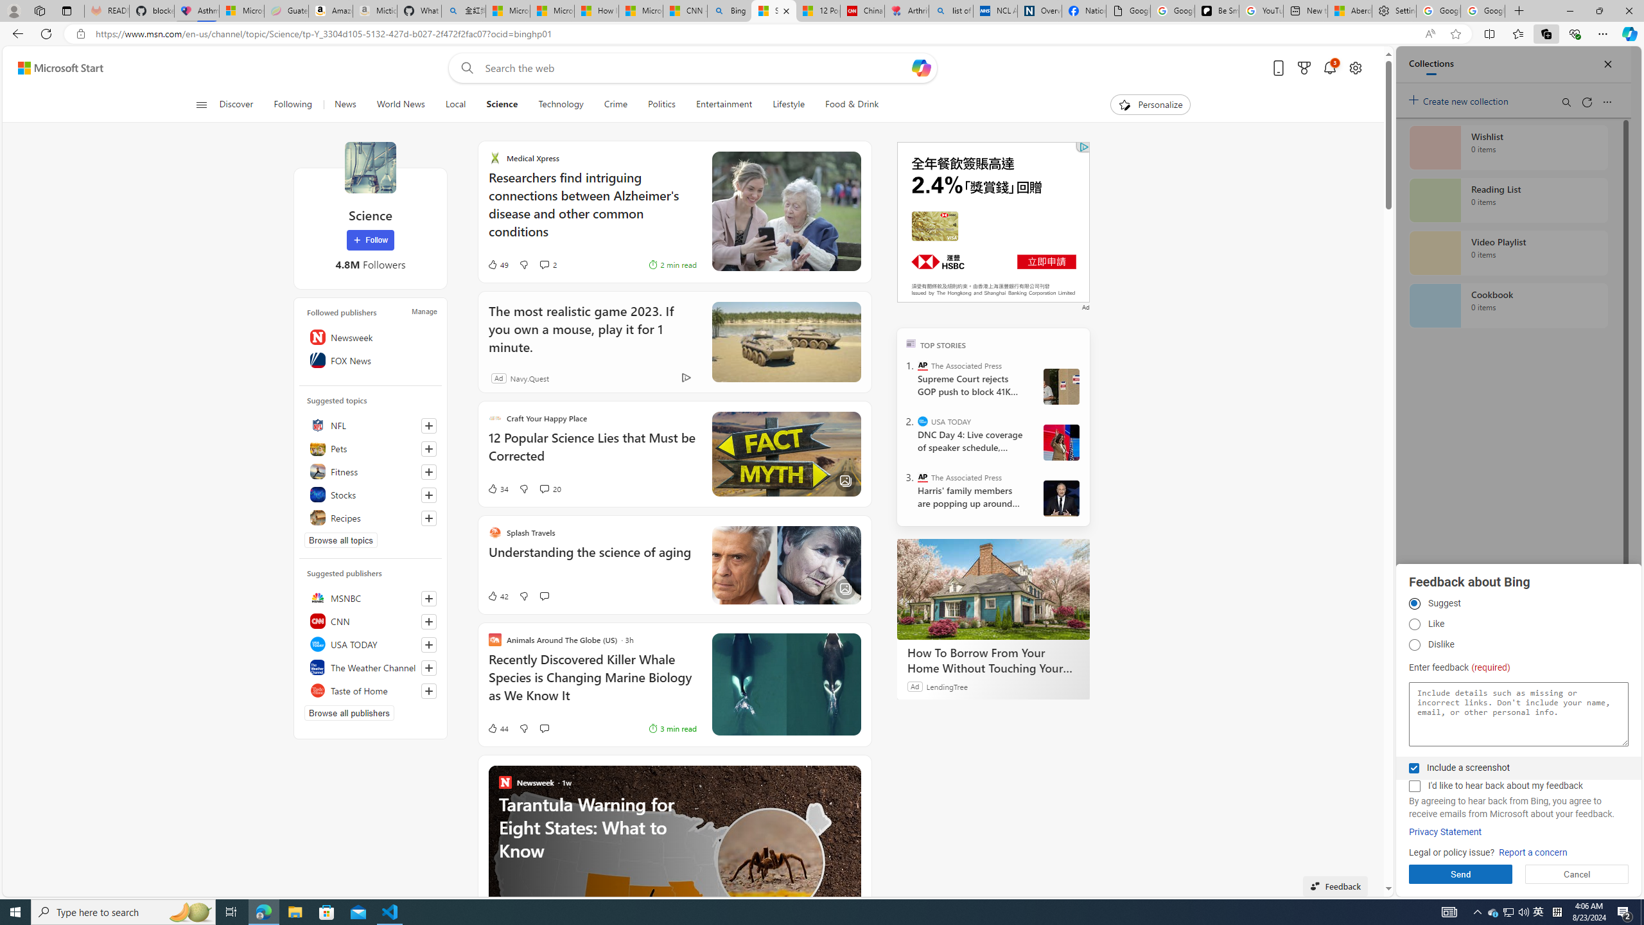  What do you see at coordinates (1577, 874) in the screenshot?
I see `'Cancel'` at bounding box center [1577, 874].